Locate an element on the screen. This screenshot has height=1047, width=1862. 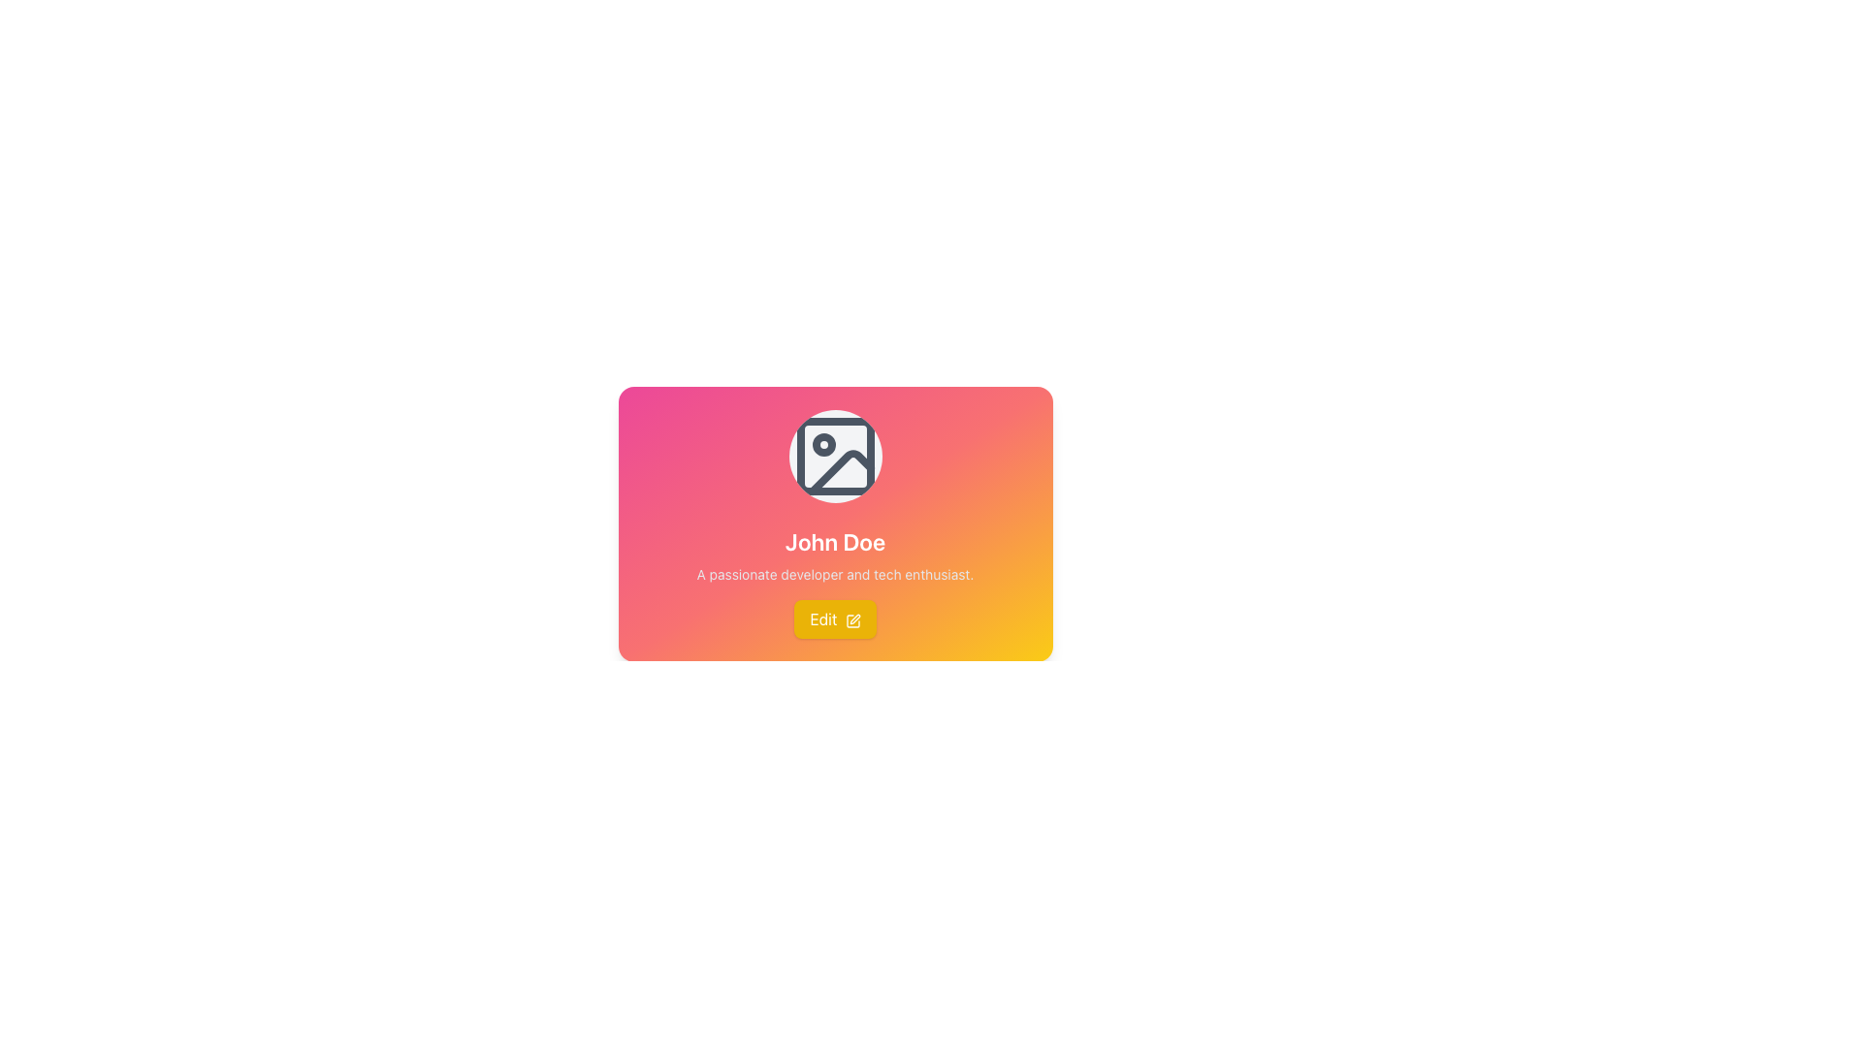
the yellow 'Edit' button with rounded corners, which contains white text and a pen icon, to change its color is located at coordinates (835, 619).